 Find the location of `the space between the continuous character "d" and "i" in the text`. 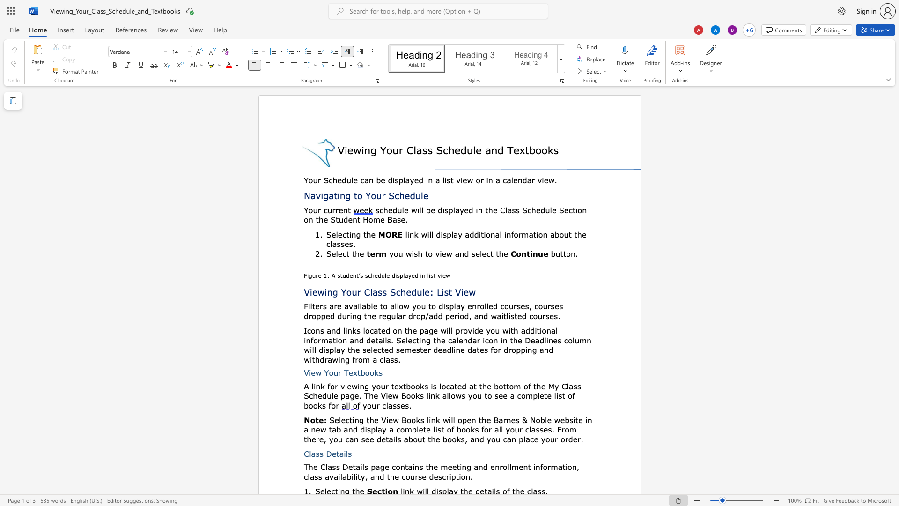

the space between the continuous character "d" and "i" in the text is located at coordinates (439, 234).